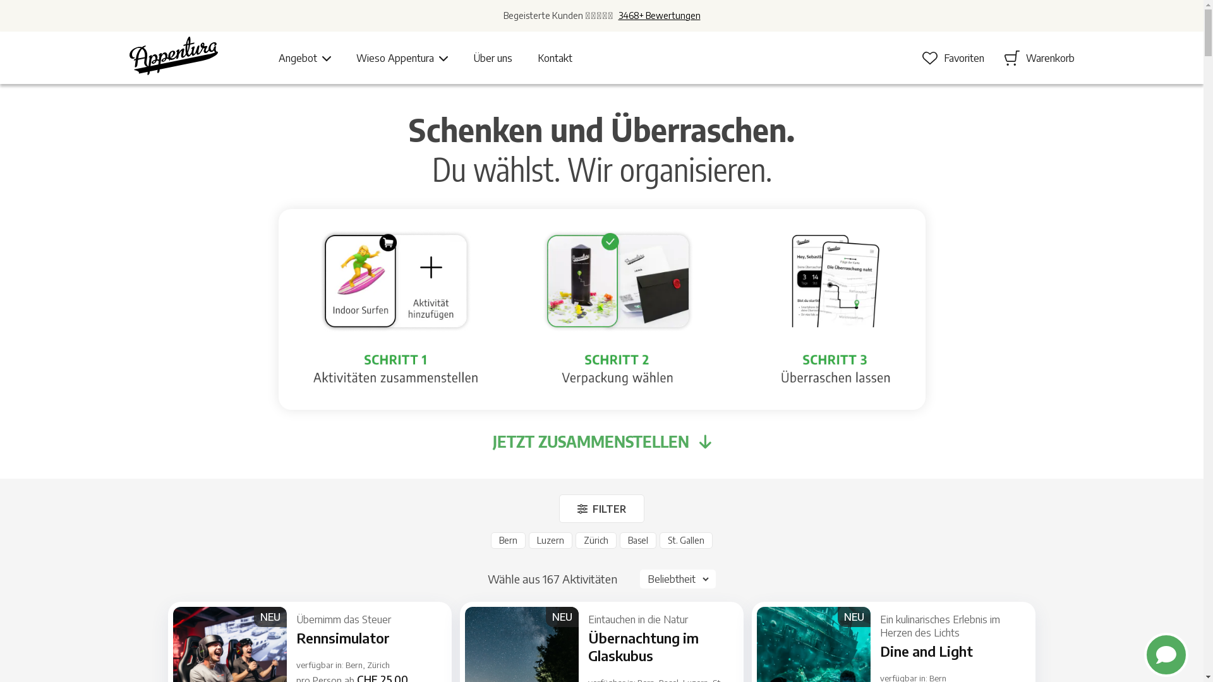 This screenshot has width=1213, height=682. What do you see at coordinates (658, 15) in the screenshot?
I see `'3468+ Bewertungen'` at bounding box center [658, 15].